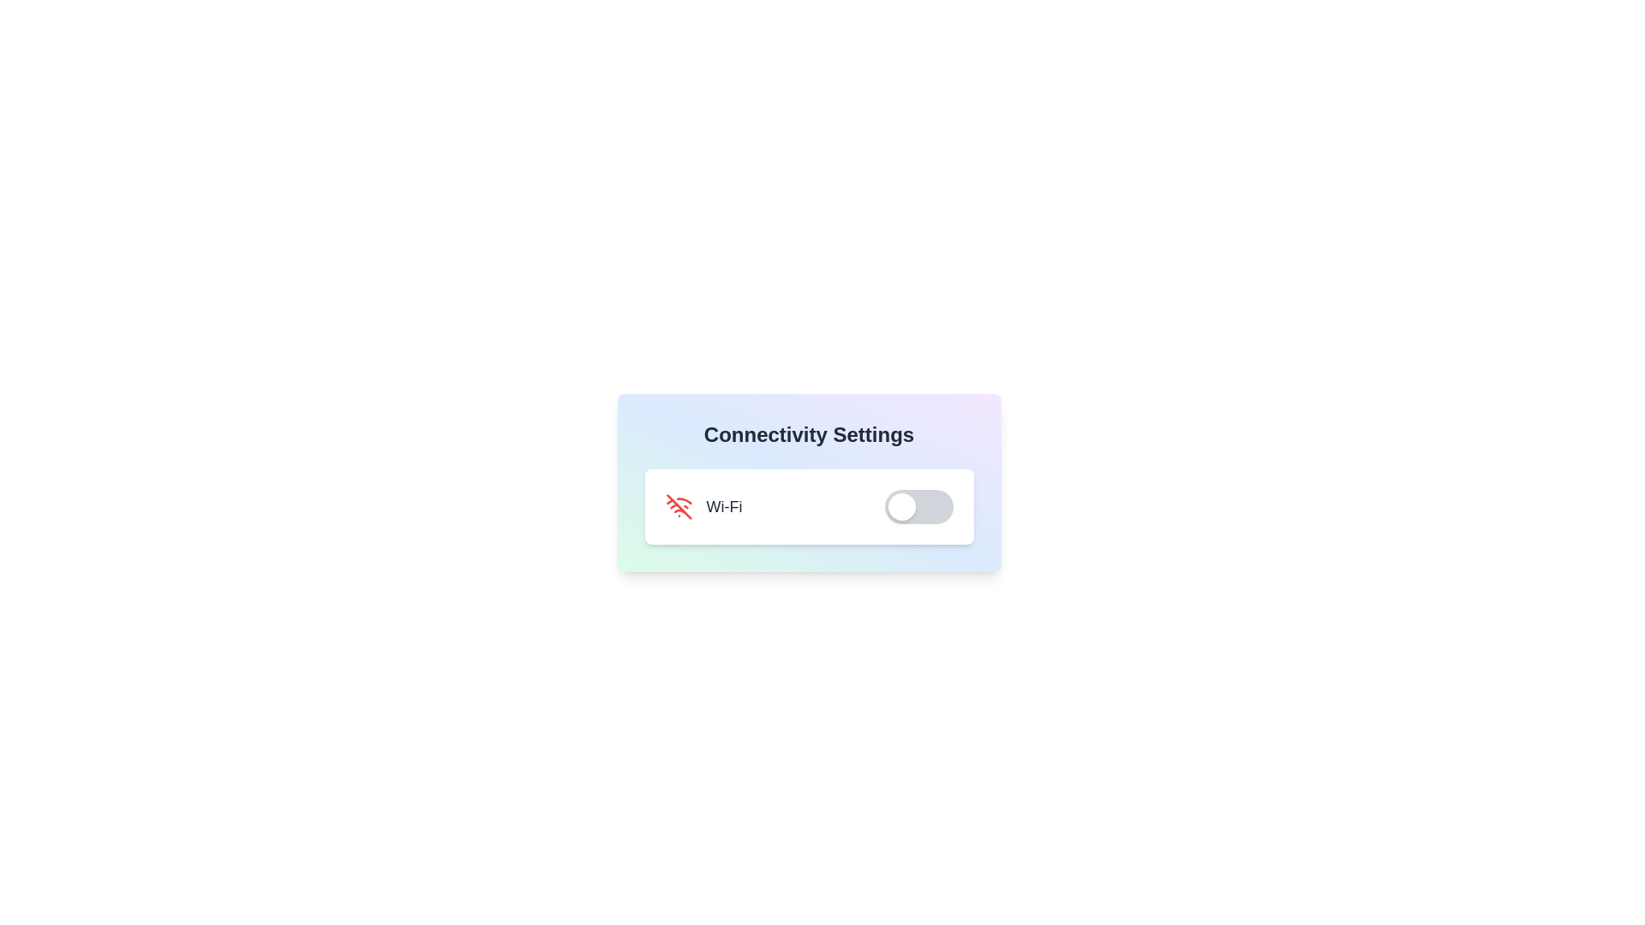 The height and width of the screenshot is (925, 1645). What do you see at coordinates (808, 505) in the screenshot?
I see `the Wi-Fi status card located in the middle section of the 'Connectivity Settings' component, below the title` at bounding box center [808, 505].